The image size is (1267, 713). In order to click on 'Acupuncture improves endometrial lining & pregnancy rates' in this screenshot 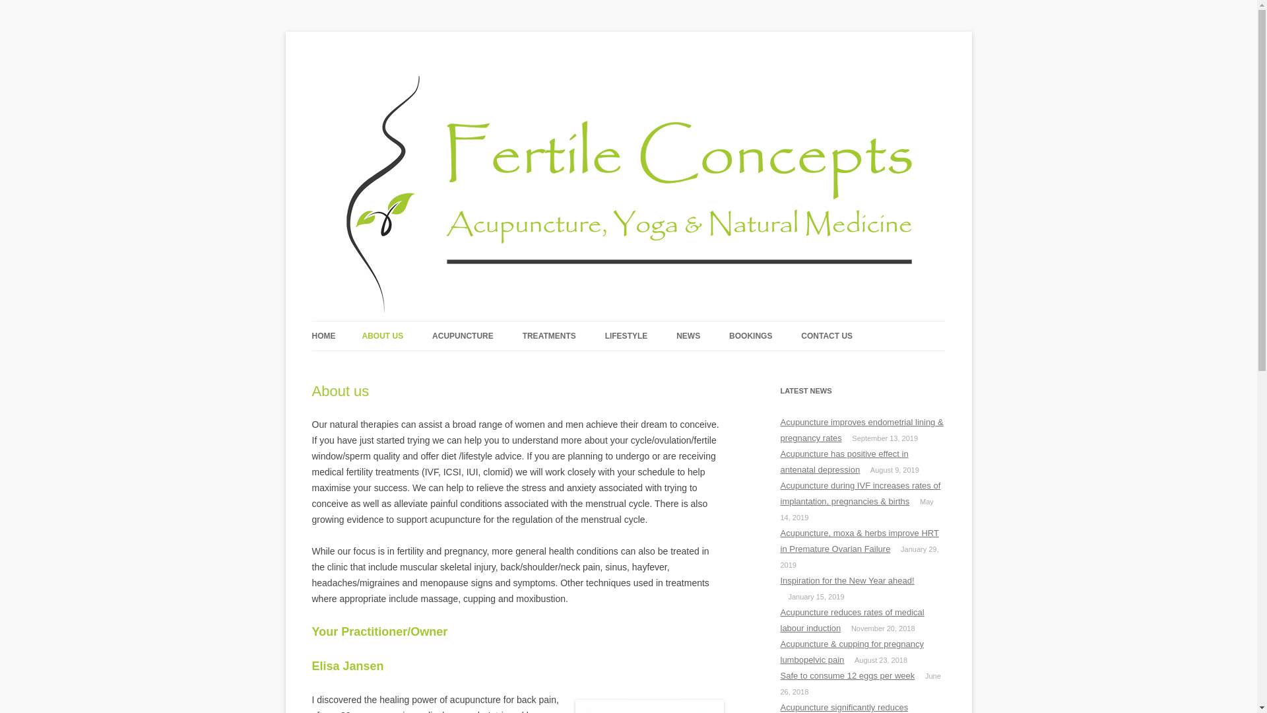, I will do `click(861, 430)`.